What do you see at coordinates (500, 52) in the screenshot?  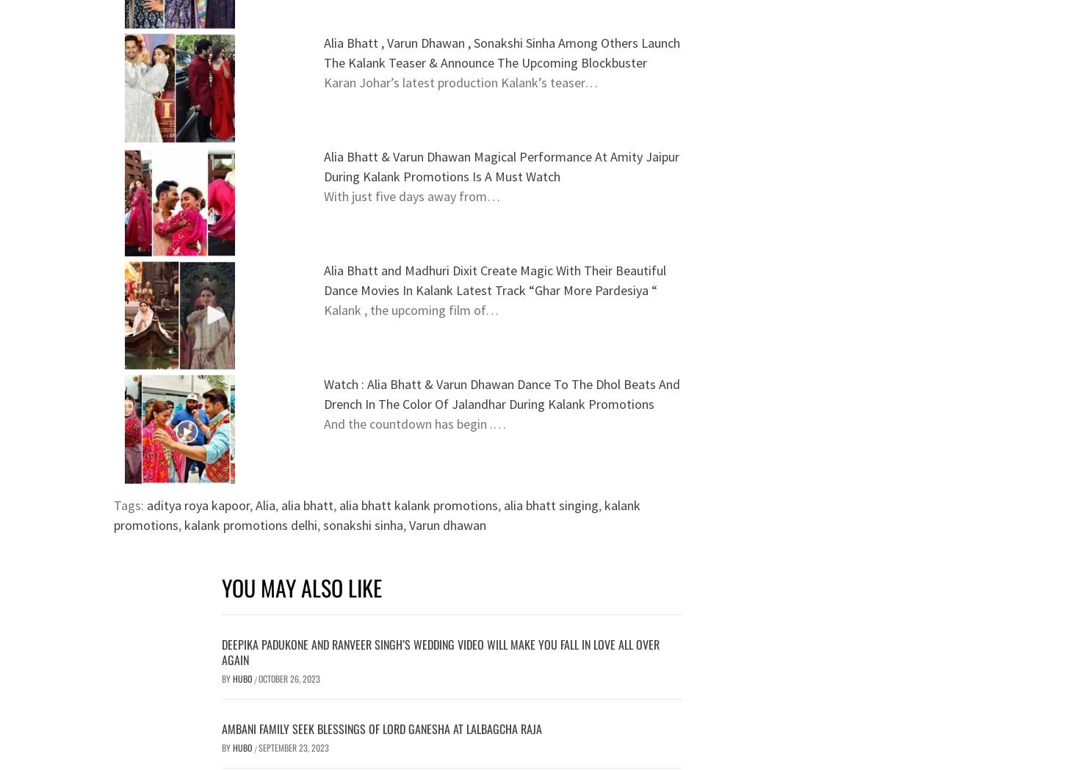 I see `'Alia Bhatt , Varun Dhawan , Sonakshi Sinha Among Others Launch The Kalank Teaser & Announce The Upcoming Blockbuster'` at bounding box center [500, 52].